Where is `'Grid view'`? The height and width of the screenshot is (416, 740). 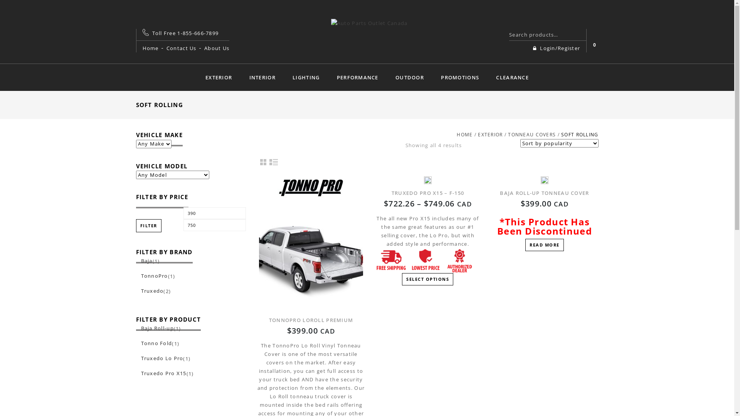
'Grid view' is located at coordinates (263, 161).